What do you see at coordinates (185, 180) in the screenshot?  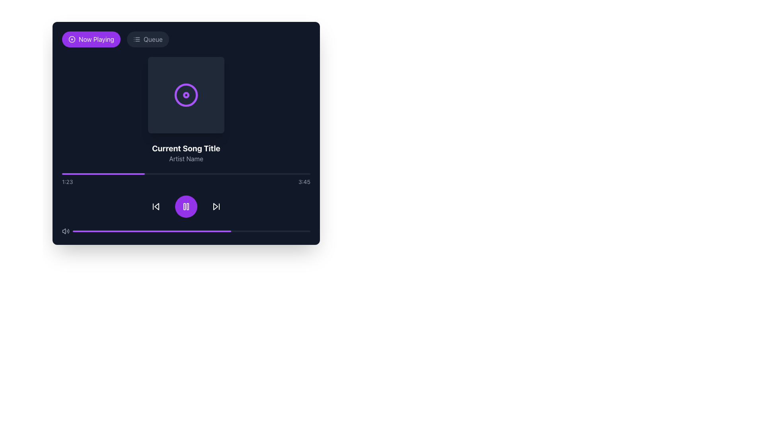 I see `the purple section of the progress bar located below the title 'Current Song Title' and the artist's name to adjust the playback position` at bounding box center [185, 180].